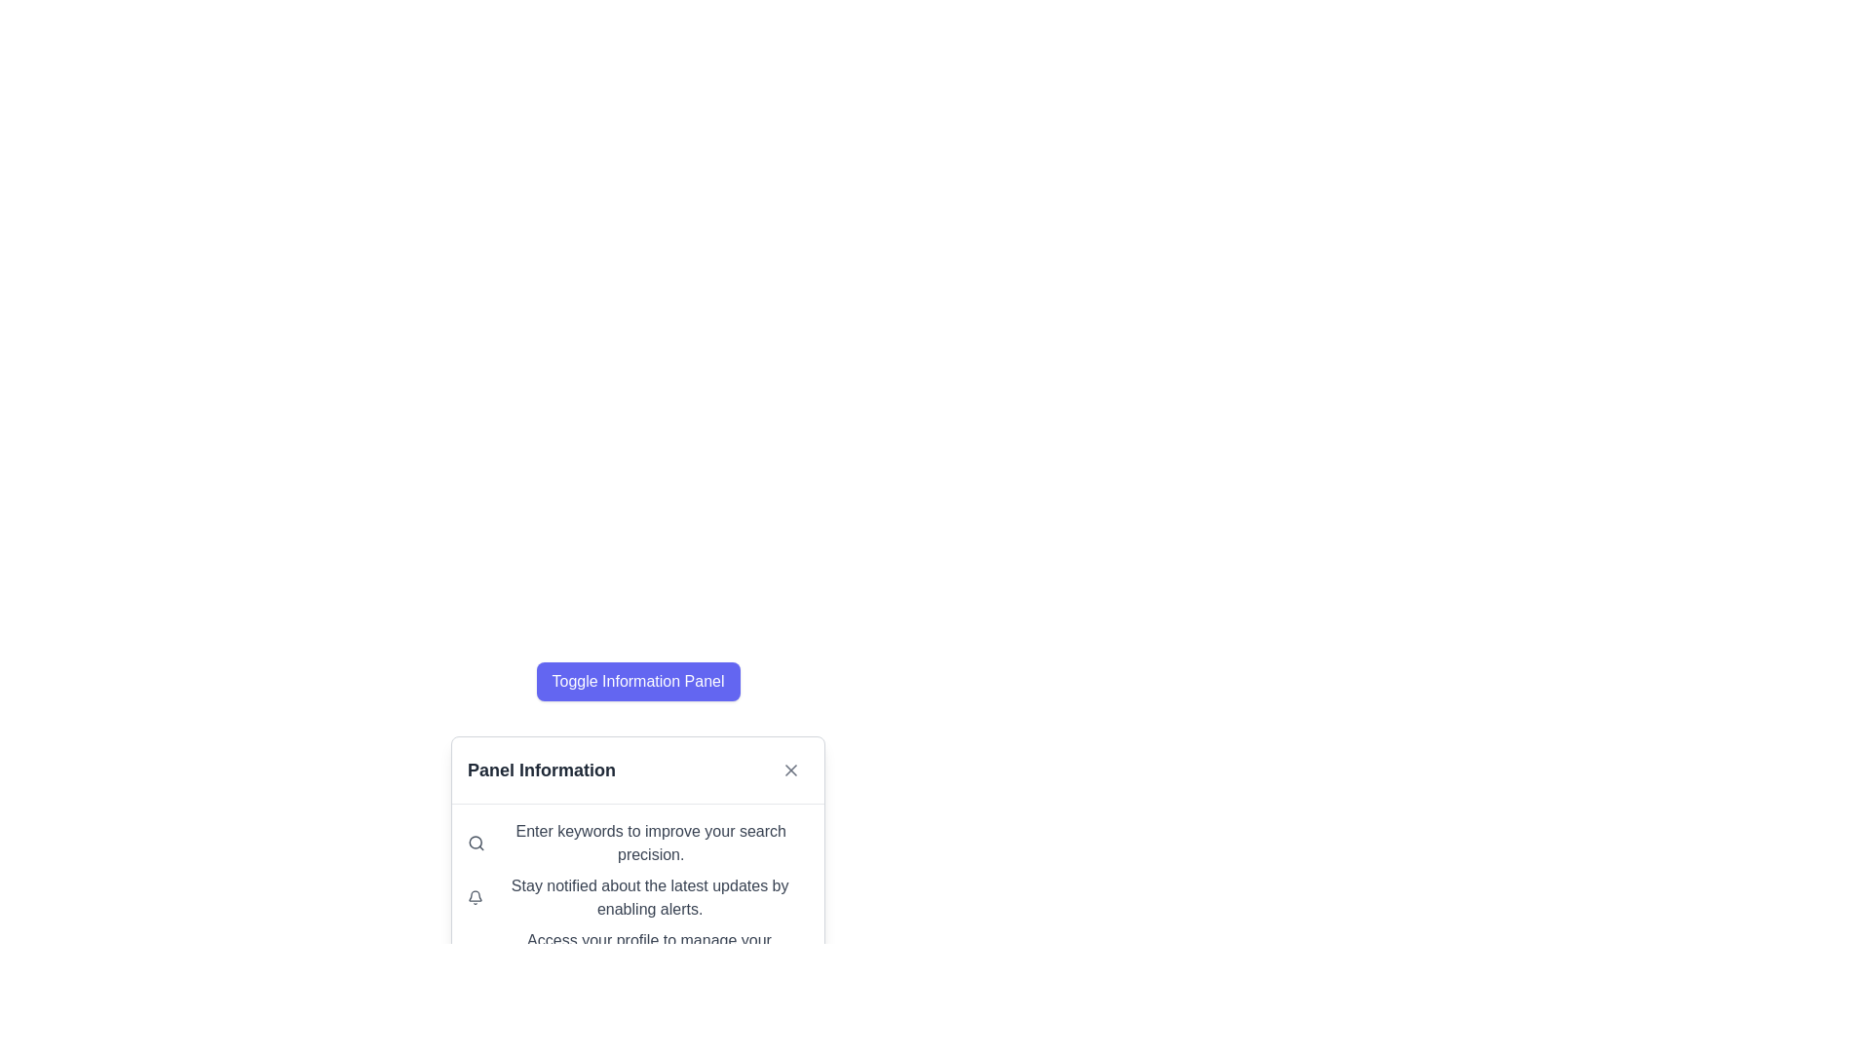 This screenshot has height=1052, width=1871. What do you see at coordinates (477, 843) in the screenshot?
I see `the magnifying glass icon` at bounding box center [477, 843].